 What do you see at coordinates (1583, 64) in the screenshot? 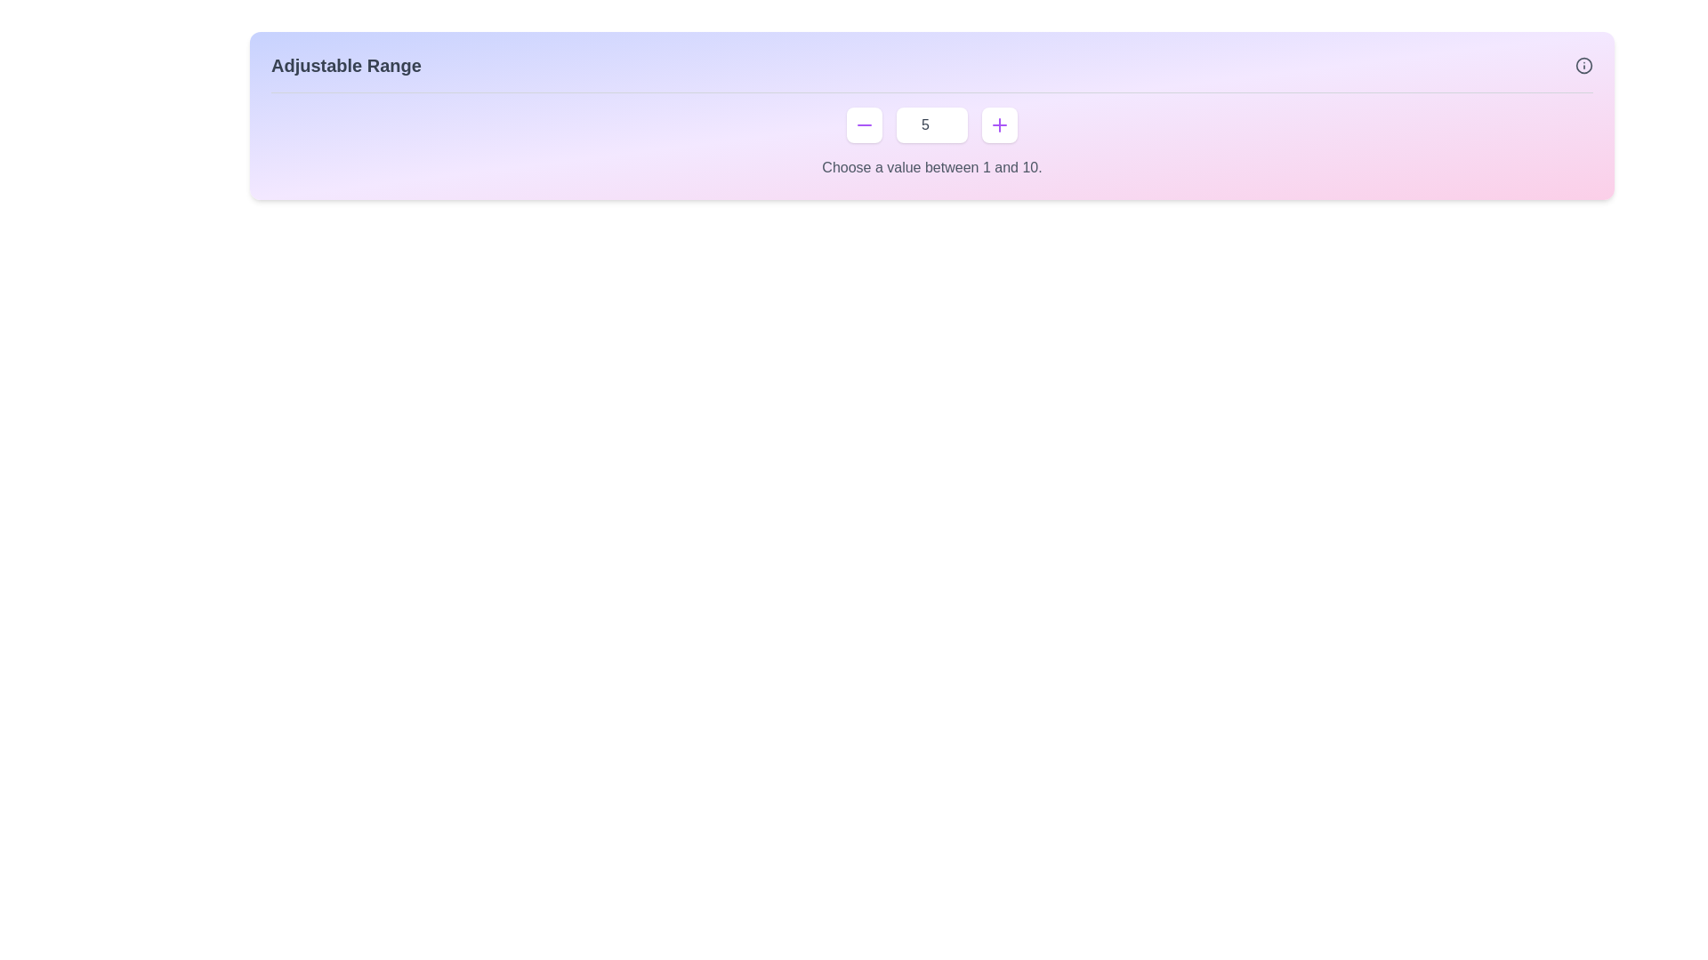
I see `the circular icon with an 'i' information symbol, which is styled with a gray outline and located on the far right of the 'Adjustable Range' header section` at bounding box center [1583, 64].